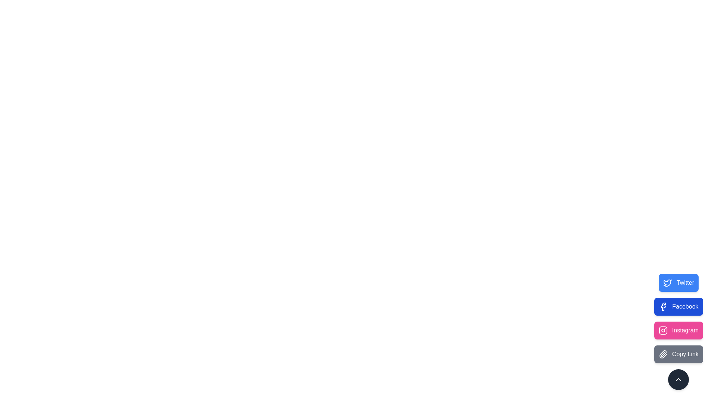 This screenshot has width=715, height=402. I want to click on the Instagram button to perform the corresponding action, so click(679, 330).